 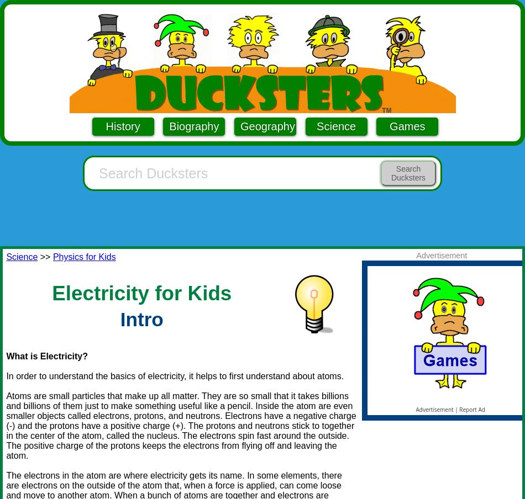 I want to click on 'Search Ducksters', so click(x=407, y=173).